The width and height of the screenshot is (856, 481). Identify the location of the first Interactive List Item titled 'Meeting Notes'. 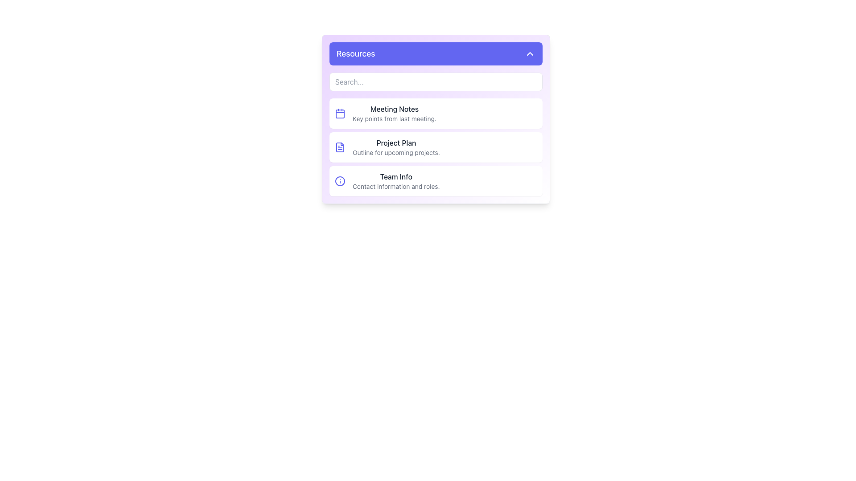
(436, 113).